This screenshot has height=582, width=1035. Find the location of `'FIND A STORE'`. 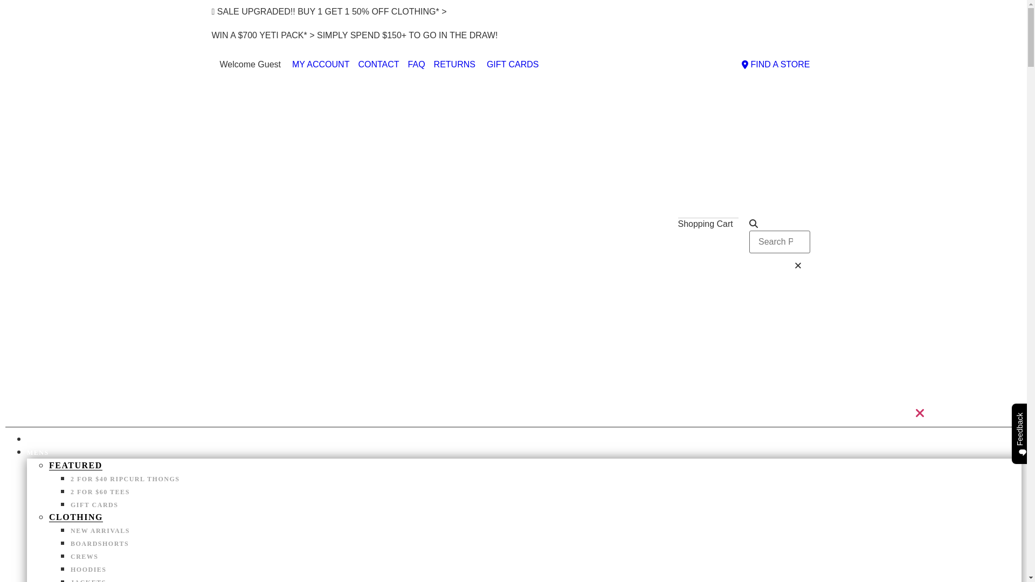

'FIND A STORE' is located at coordinates (773, 64).